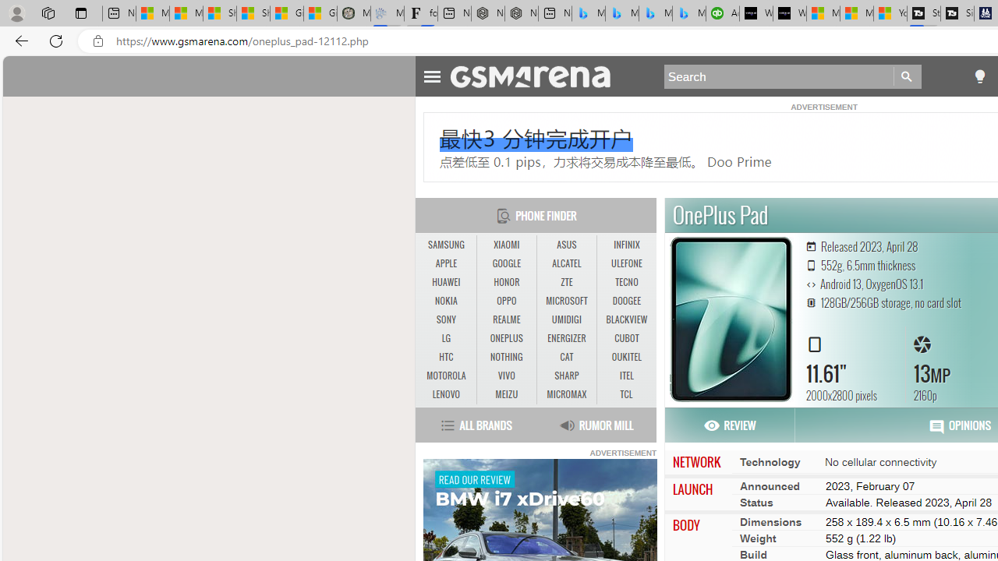  I want to click on 'Gilma and Hector both pose tropical trouble for Hawaii', so click(320, 13).